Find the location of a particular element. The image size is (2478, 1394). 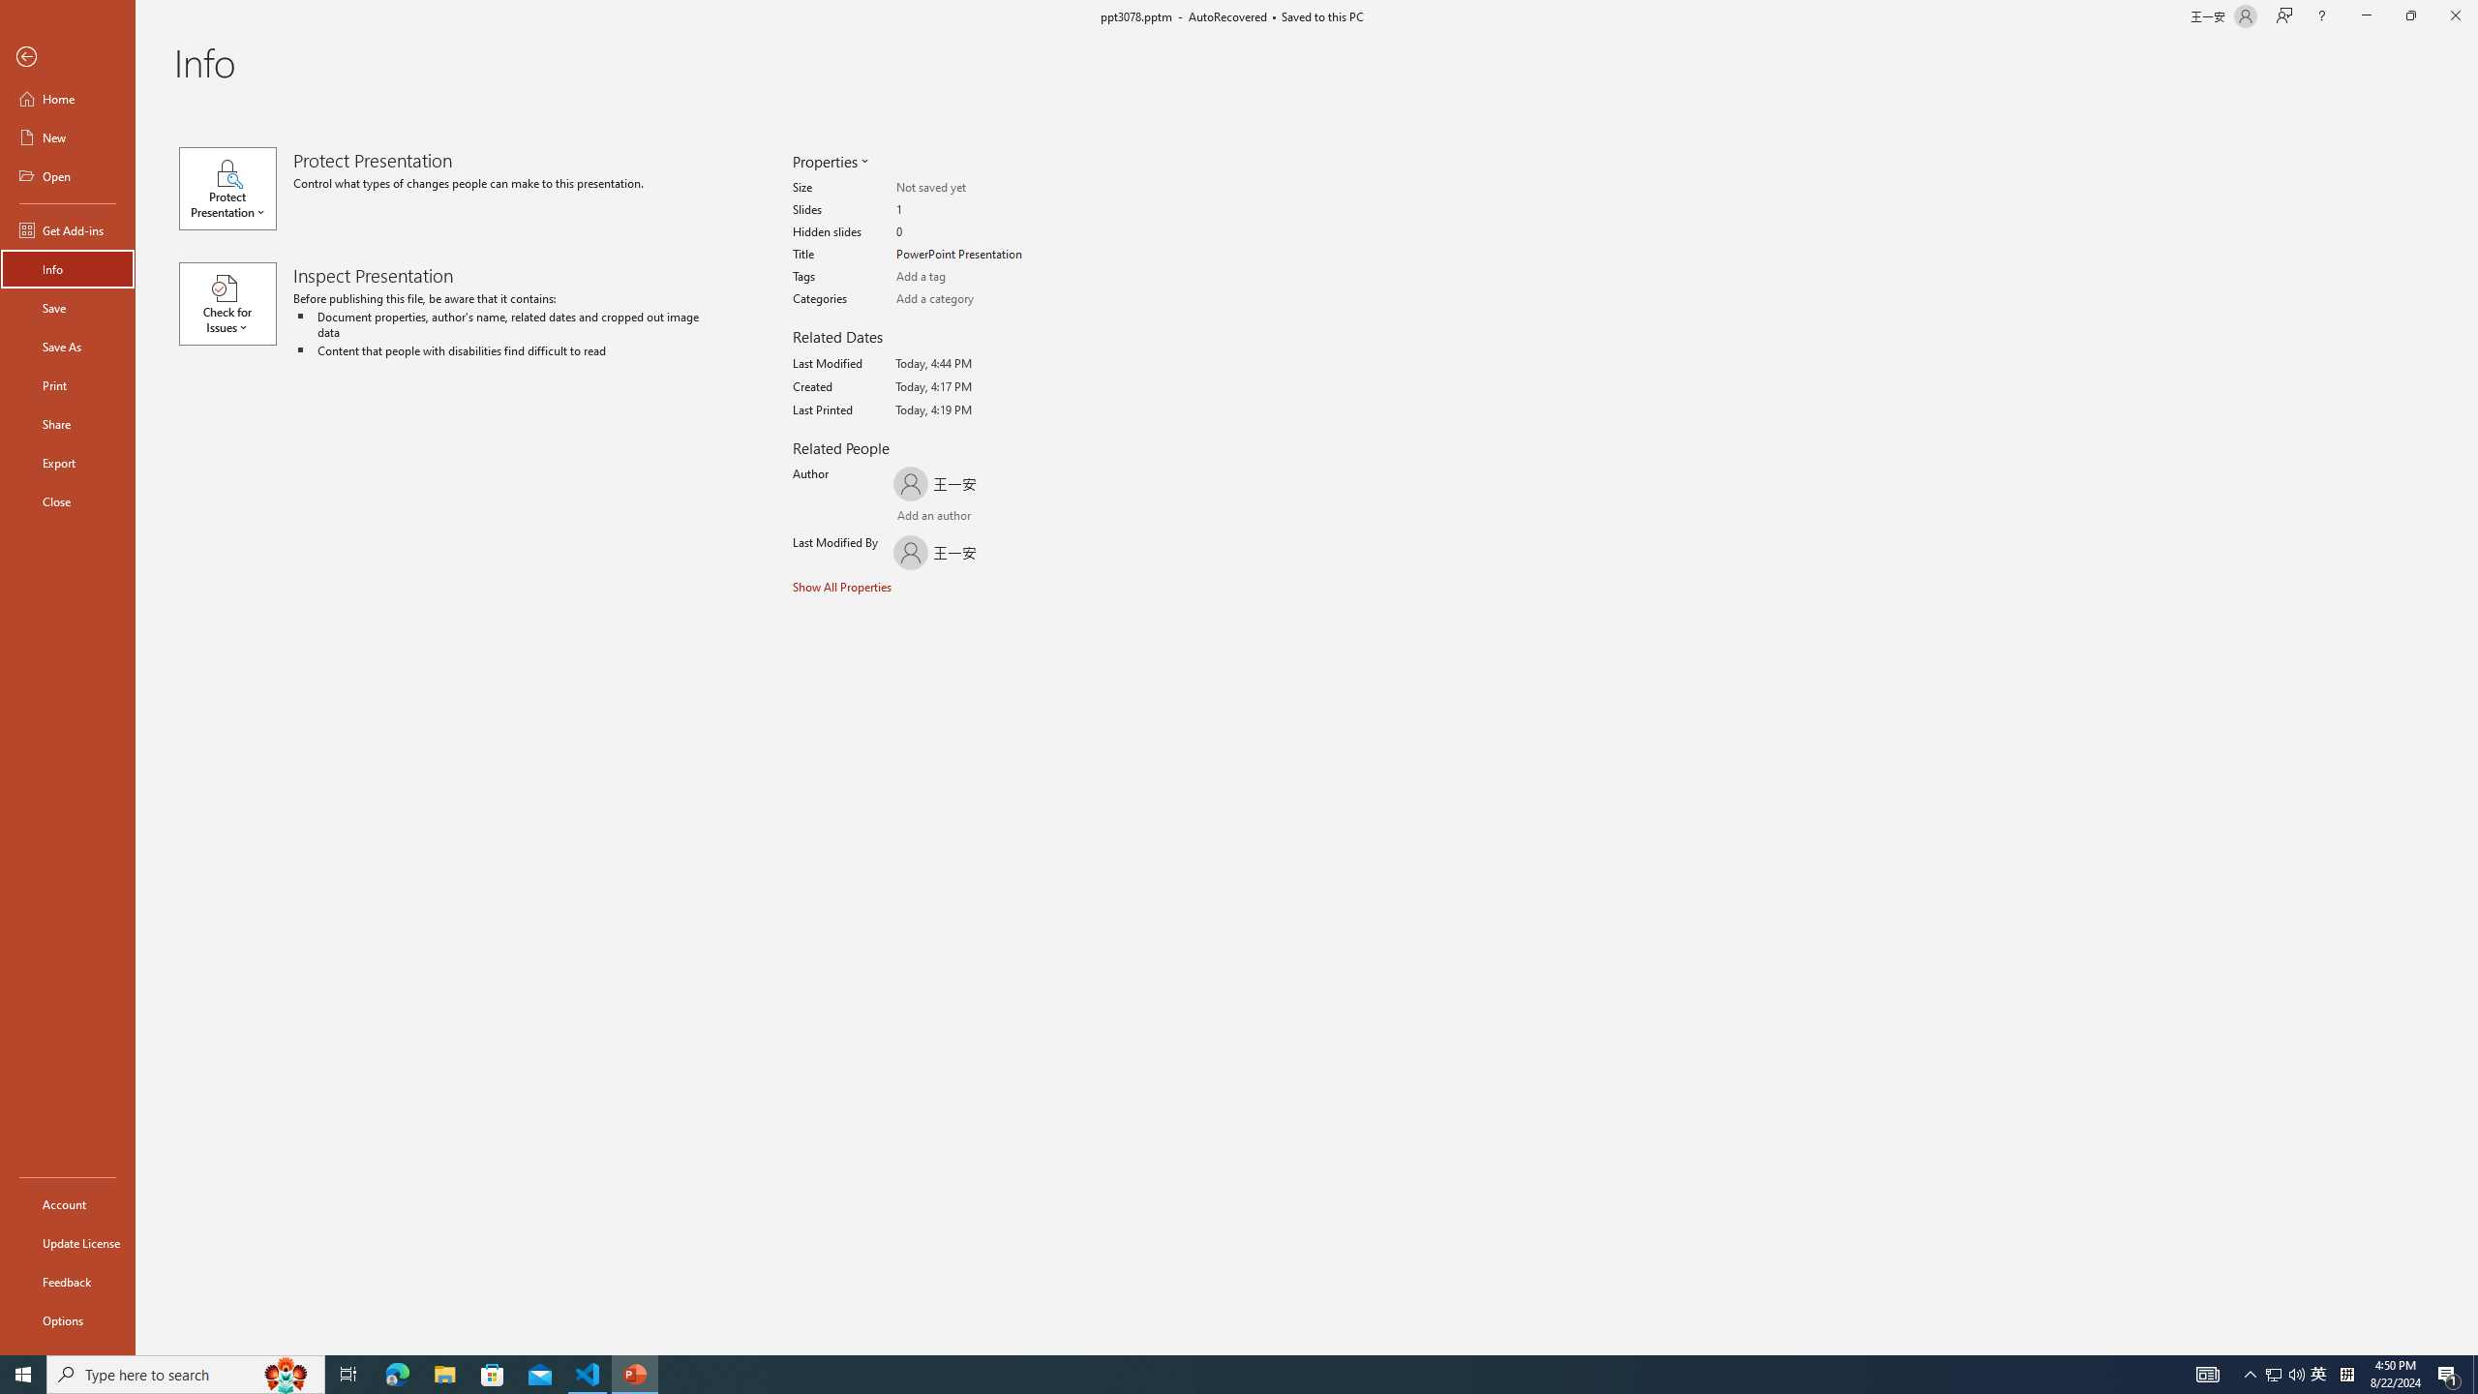

'Account' is located at coordinates (67, 1204).